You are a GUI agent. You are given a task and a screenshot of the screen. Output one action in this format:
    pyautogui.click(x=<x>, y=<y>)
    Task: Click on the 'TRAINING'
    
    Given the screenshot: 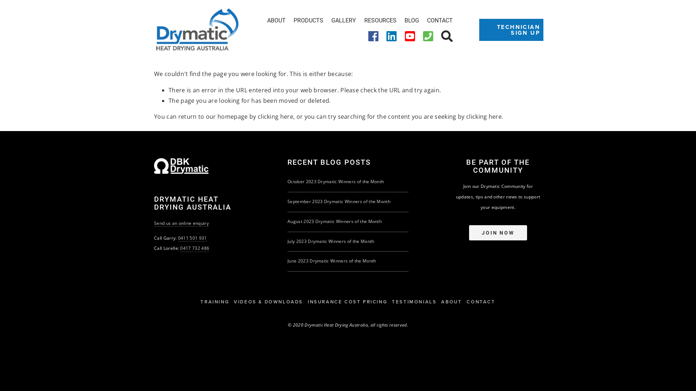 What is the action you would take?
    pyautogui.click(x=217, y=302)
    